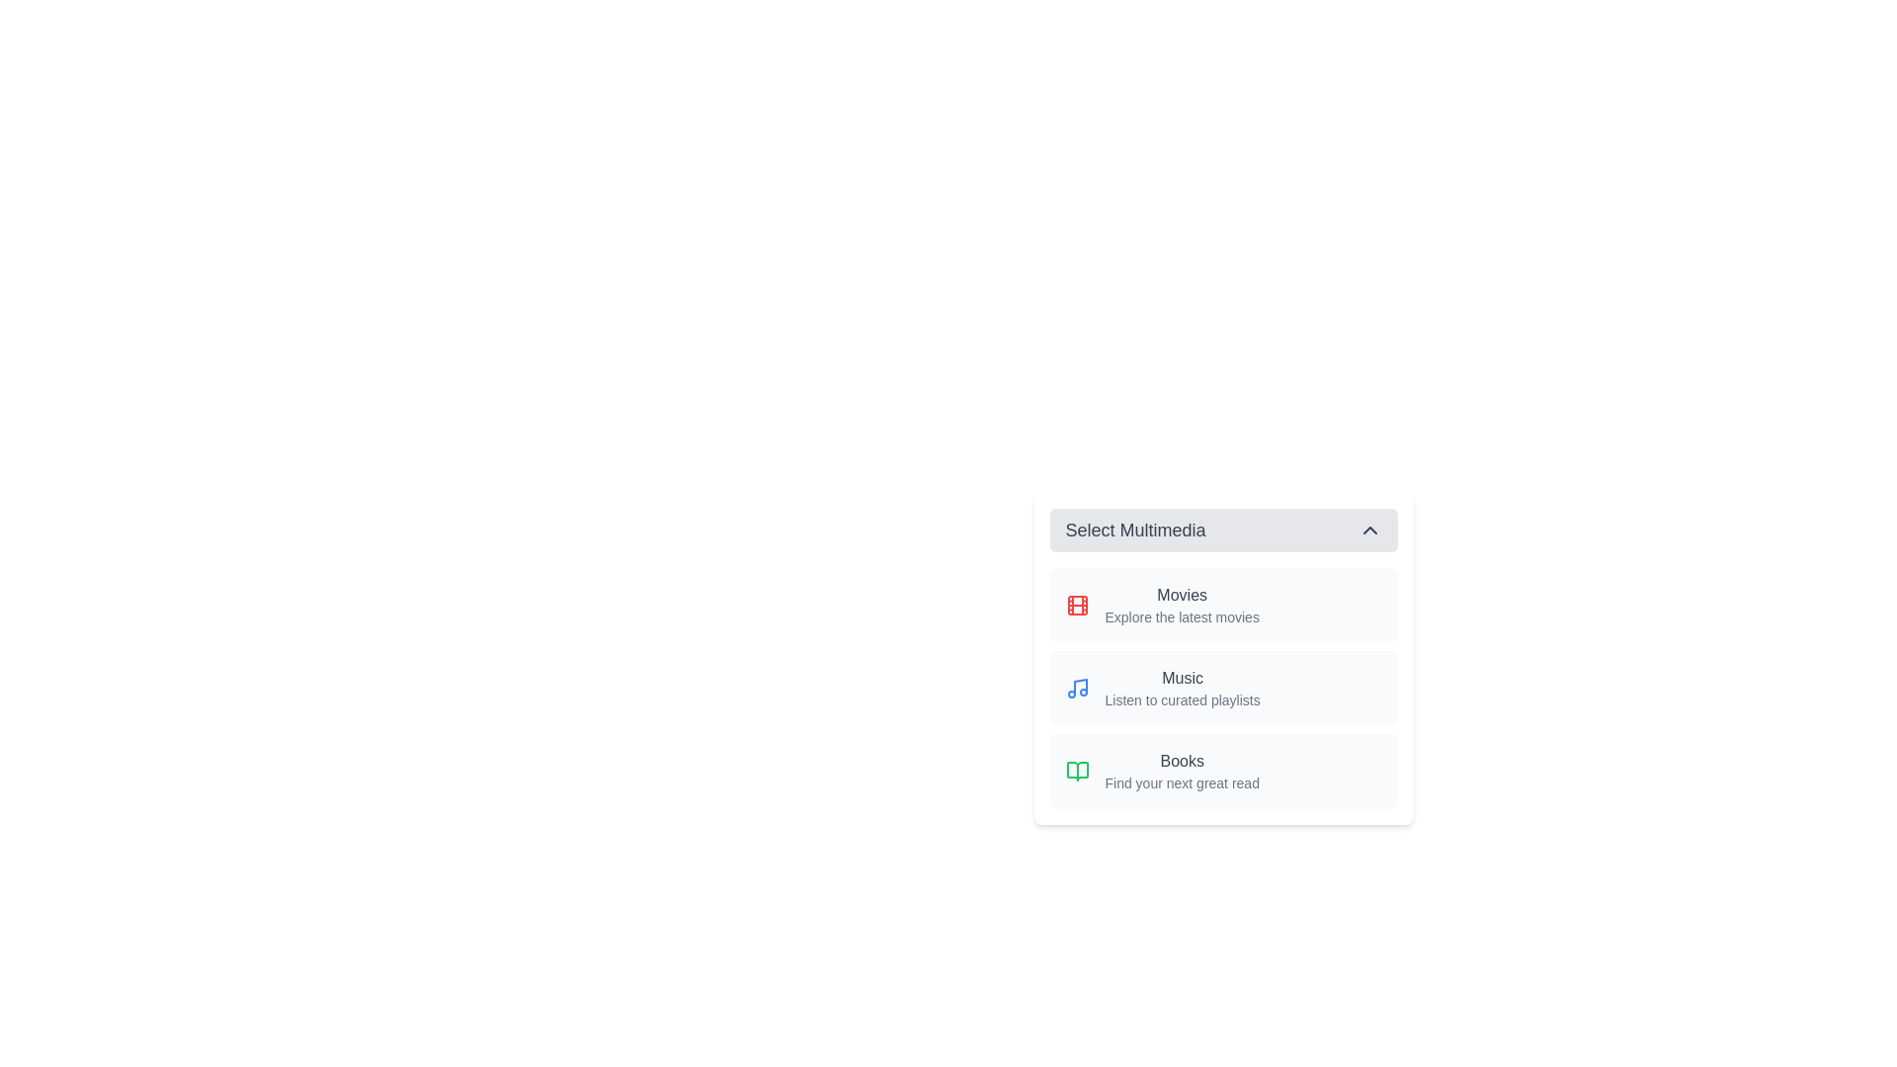 The height and width of the screenshot is (1067, 1897). Describe the element at coordinates (1222, 529) in the screenshot. I see `the 'Select Multimedia' button with a light gray background and rounded corners` at that location.